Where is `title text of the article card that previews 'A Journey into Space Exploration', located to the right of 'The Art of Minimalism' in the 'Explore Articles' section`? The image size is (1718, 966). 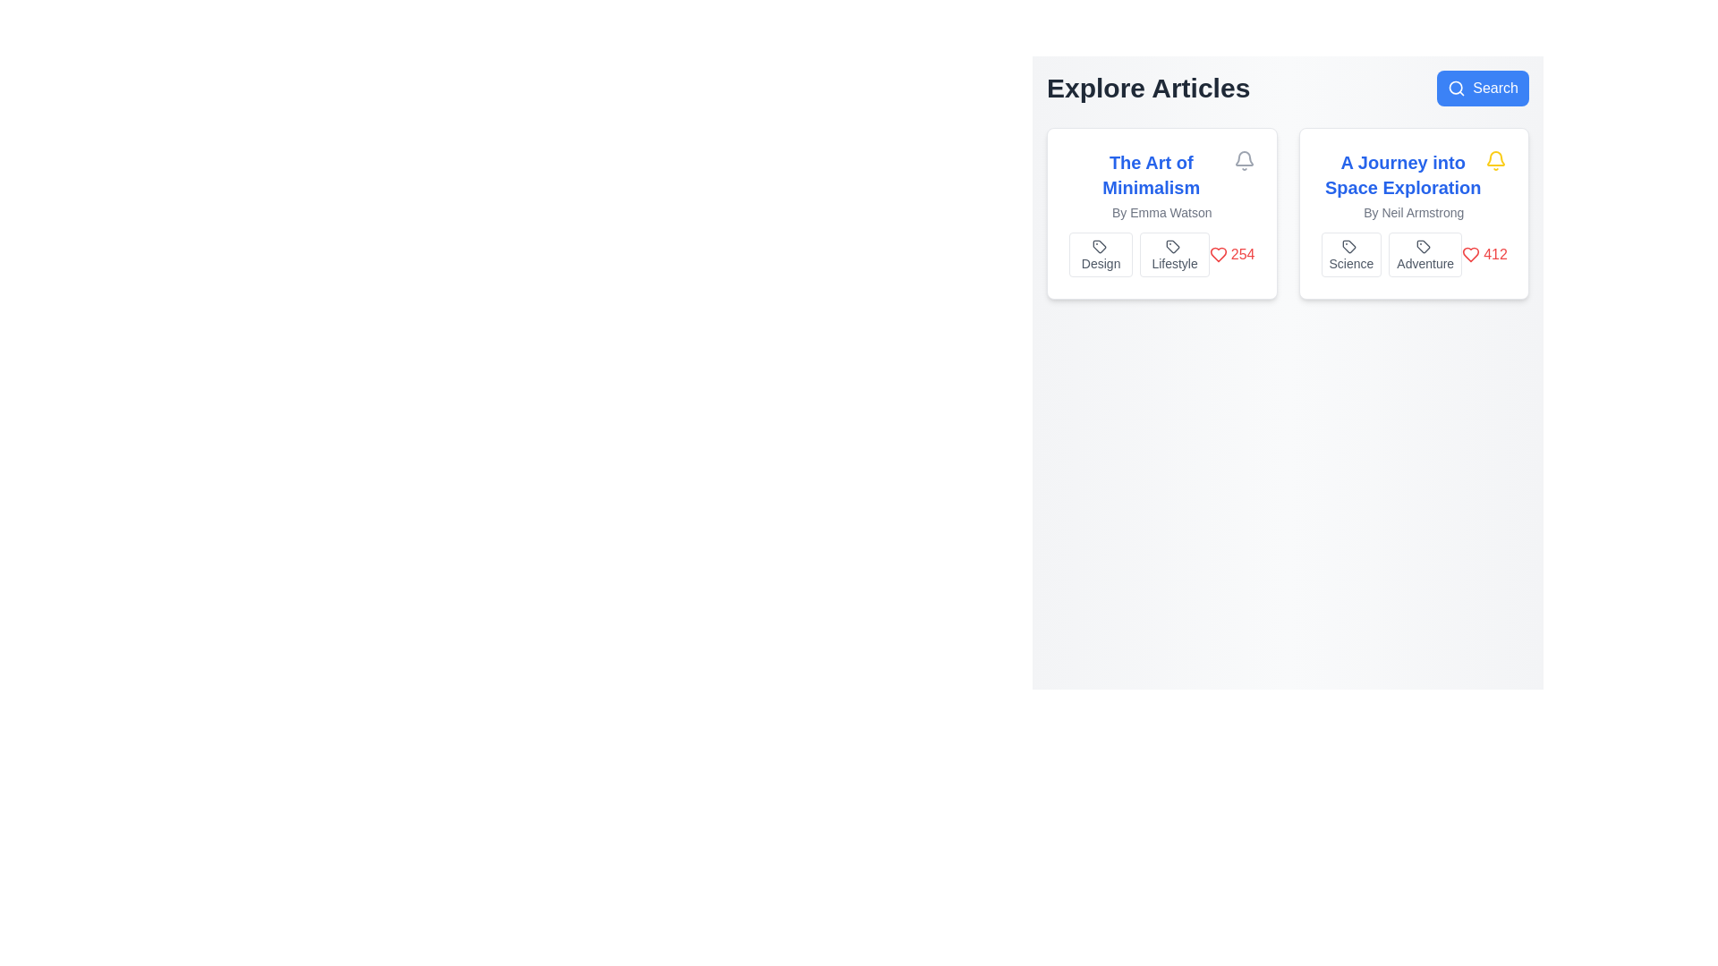 title text of the article card that previews 'A Journey into Space Exploration', located to the right of 'The Art of Minimalism' in the 'Explore Articles' section is located at coordinates (1402, 175).